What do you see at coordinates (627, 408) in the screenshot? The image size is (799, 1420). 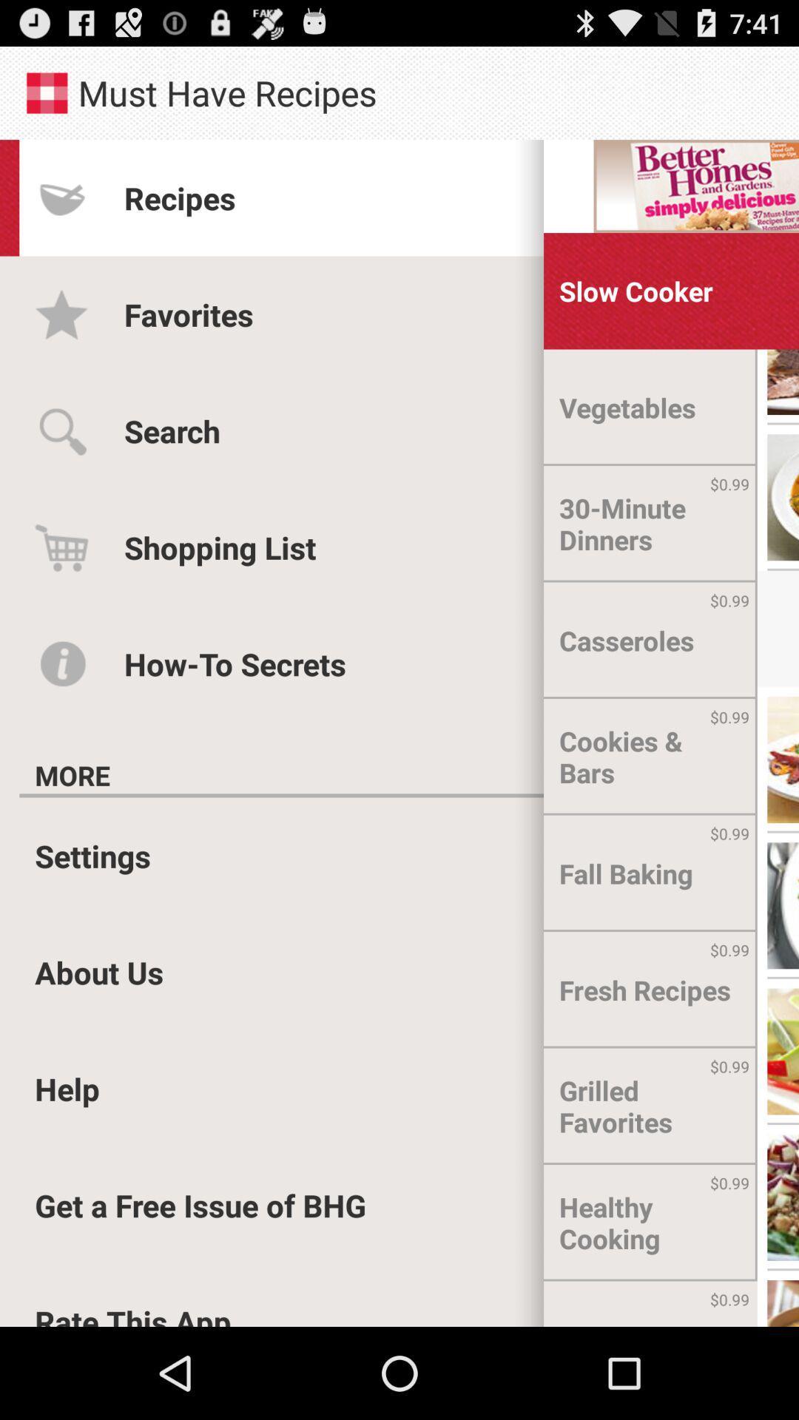 I see `icon next to favorites` at bounding box center [627, 408].